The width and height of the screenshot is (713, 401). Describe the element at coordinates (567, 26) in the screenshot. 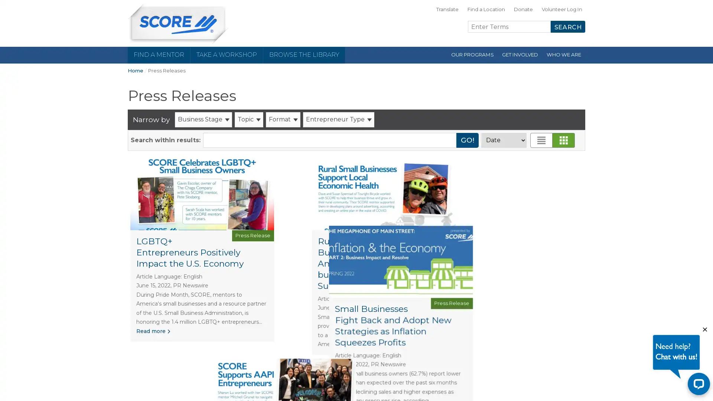

I see `Search` at that location.